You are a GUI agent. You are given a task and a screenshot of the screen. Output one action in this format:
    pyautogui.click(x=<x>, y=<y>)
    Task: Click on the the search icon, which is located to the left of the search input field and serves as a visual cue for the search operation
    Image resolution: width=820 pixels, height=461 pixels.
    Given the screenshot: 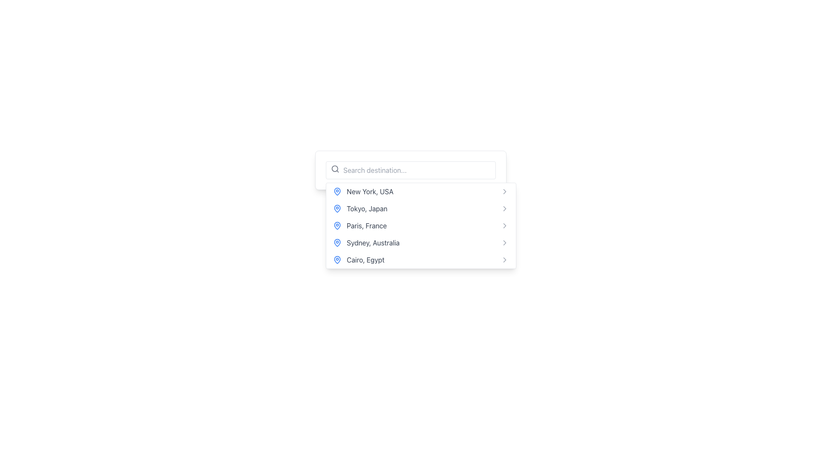 What is the action you would take?
    pyautogui.click(x=335, y=169)
    